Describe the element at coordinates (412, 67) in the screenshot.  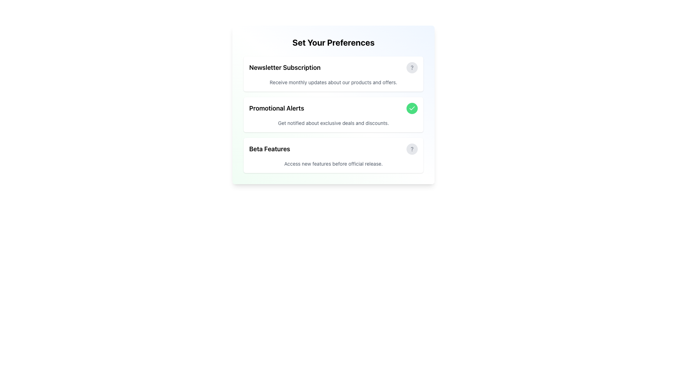
I see `the circular button with a question mark icon located in the top right corner of the 'Newsletter Subscription' section` at that location.